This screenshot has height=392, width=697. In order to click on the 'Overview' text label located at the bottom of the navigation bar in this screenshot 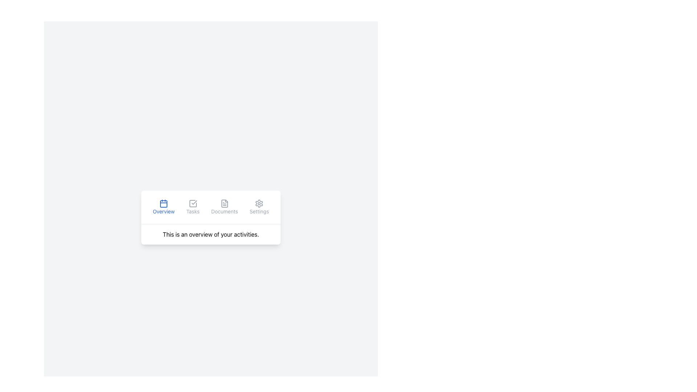, I will do `click(163, 211)`.